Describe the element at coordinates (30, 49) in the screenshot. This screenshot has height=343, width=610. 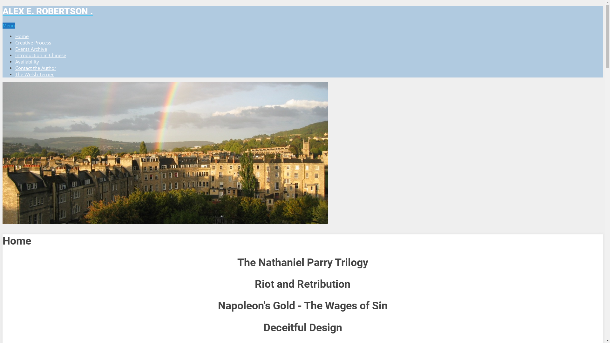
I see `'Events Archive'` at that location.